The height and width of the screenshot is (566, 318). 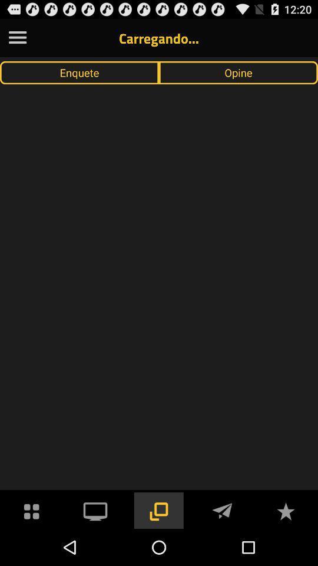 I want to click on the menu icon, so click(x=17, y=40).